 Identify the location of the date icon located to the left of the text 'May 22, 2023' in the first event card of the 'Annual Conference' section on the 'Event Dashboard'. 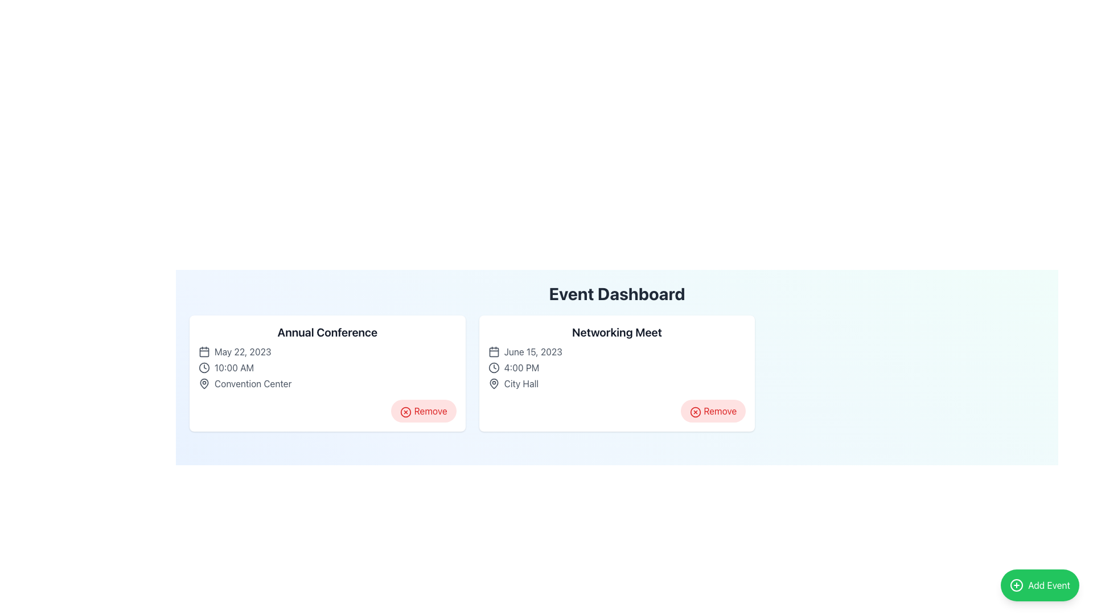
(204, 351).